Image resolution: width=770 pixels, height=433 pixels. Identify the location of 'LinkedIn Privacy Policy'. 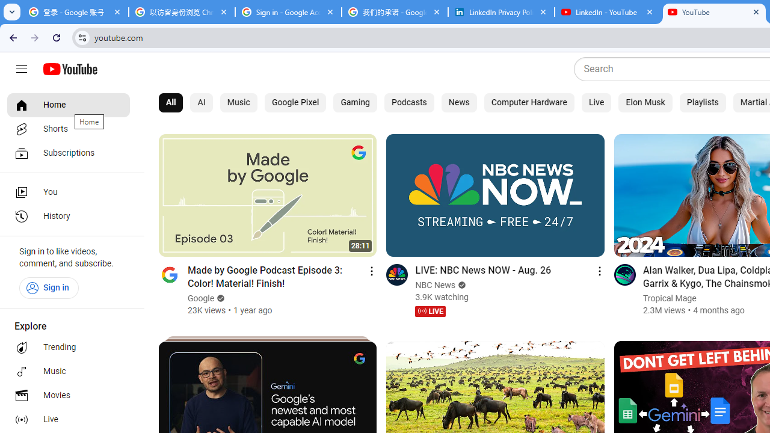
(501, 12).